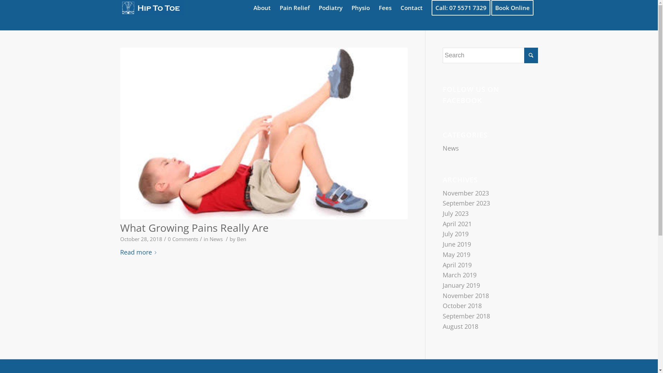  Describe the element at coordinates (194, 228) in the screenshot. I see `'What Growing Pains Really Are'` at that location.